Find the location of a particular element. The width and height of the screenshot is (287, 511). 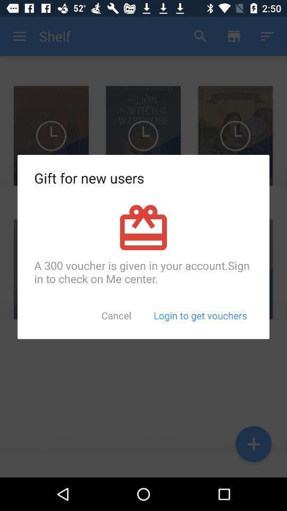

the search icon is located at coordinates (200, 36).